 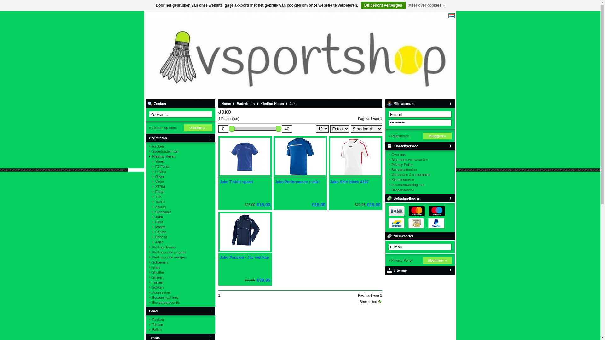 I want to click on 'Dit bericht verbergen', so click(x=383, y=5).